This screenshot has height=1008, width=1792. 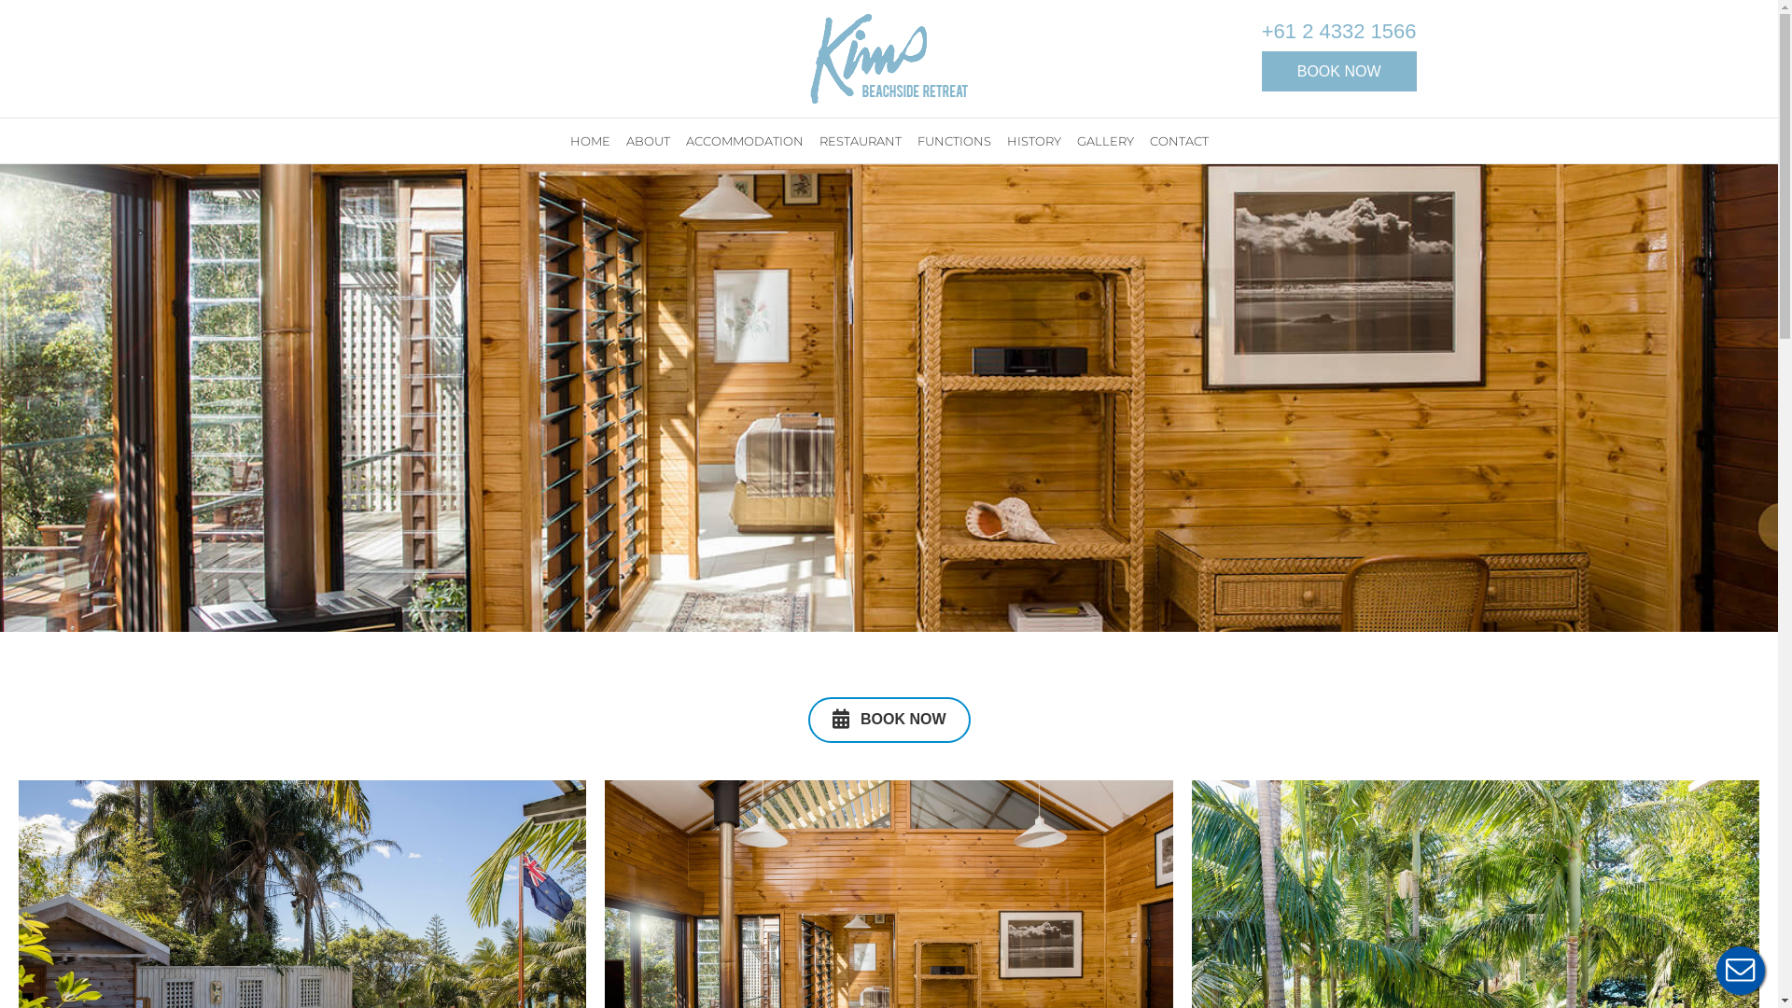 I want to click on 'Live Chat Button', so click(x=1740, y=970).